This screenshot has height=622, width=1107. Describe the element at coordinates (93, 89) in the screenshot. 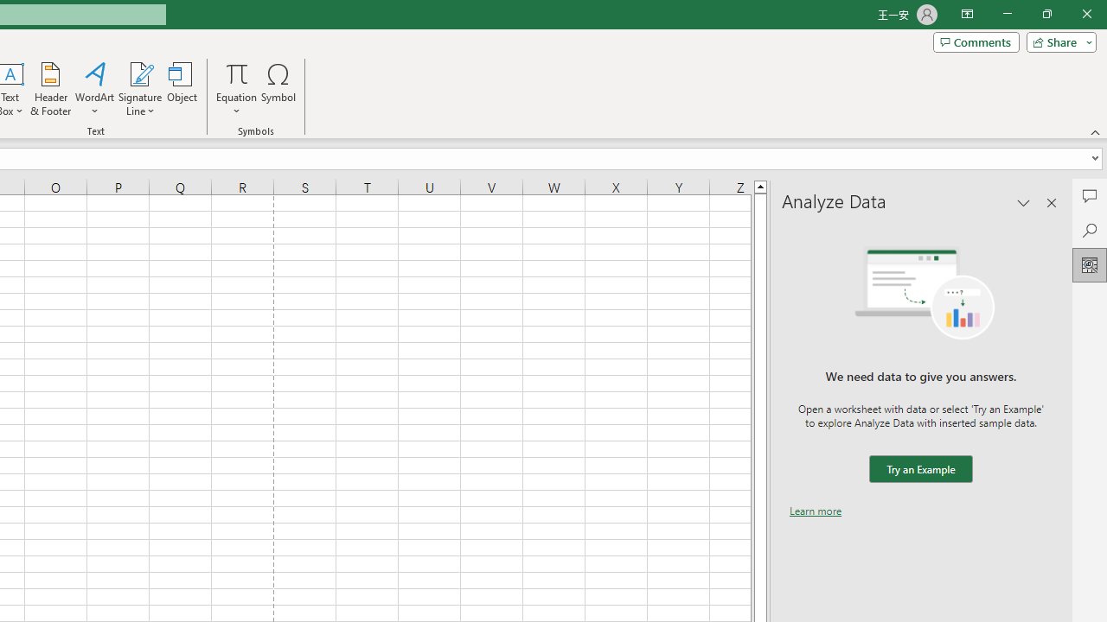

I see `'WordArt'` at that location.